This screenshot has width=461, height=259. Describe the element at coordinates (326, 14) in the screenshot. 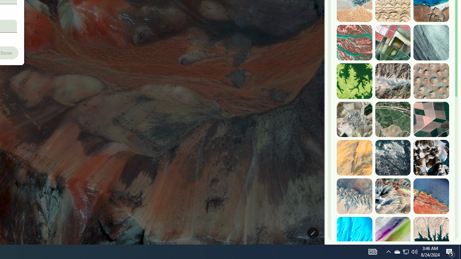

I see `'Side Panel Resize Handle'` at that location.